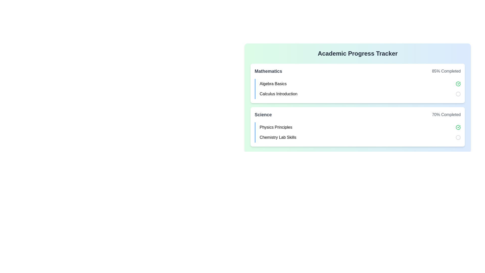 The image size is (485, 273). What do you see at coordinates (458, 83) in the screenshot?
I see `the Circular icon with check mark that signifies the completion of the 'Algebra Basics' course, located to the far right of the course title` at bounding box center [458, 83].